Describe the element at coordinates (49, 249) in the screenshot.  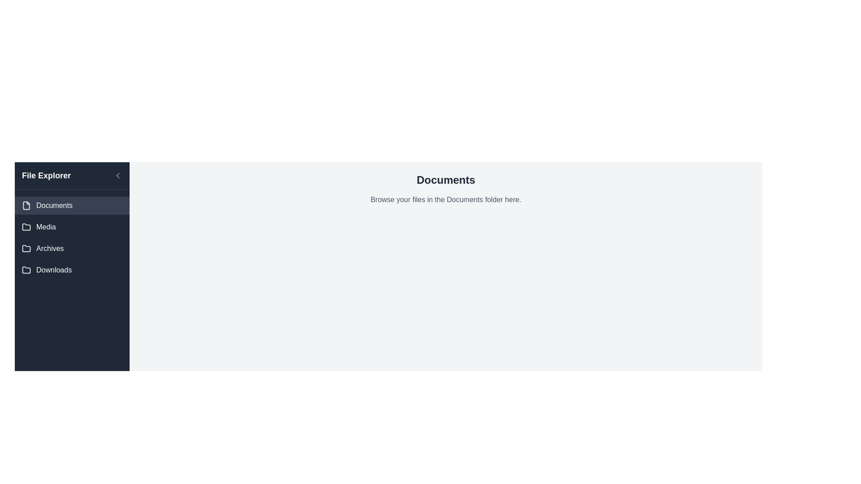
I see `the 'Archives' text label in the vertical navigational menu, which is located to the right of a folder icon and between 'Media' and 'Downloads'` at that location.